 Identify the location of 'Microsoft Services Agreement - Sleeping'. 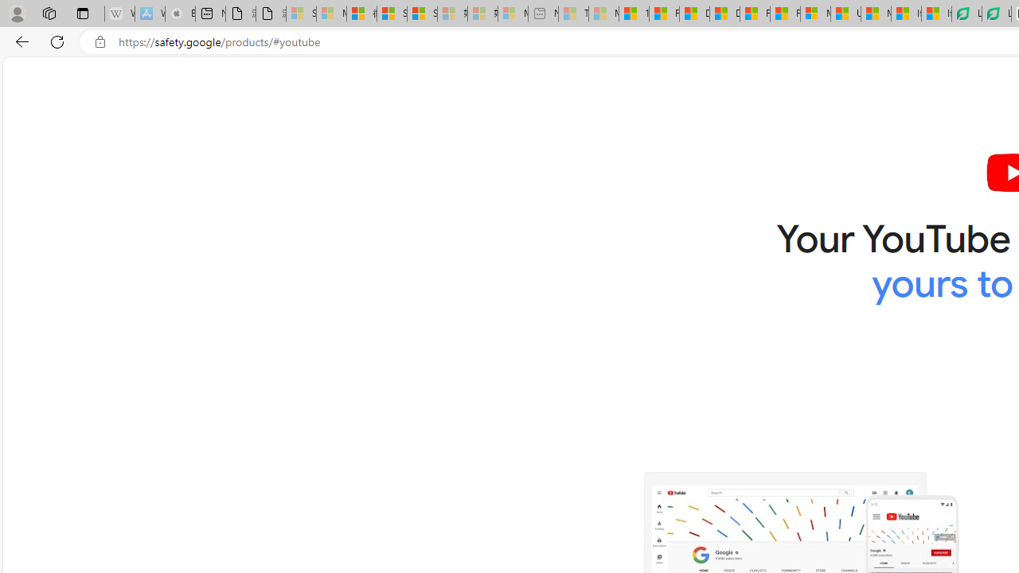
(330, 14).